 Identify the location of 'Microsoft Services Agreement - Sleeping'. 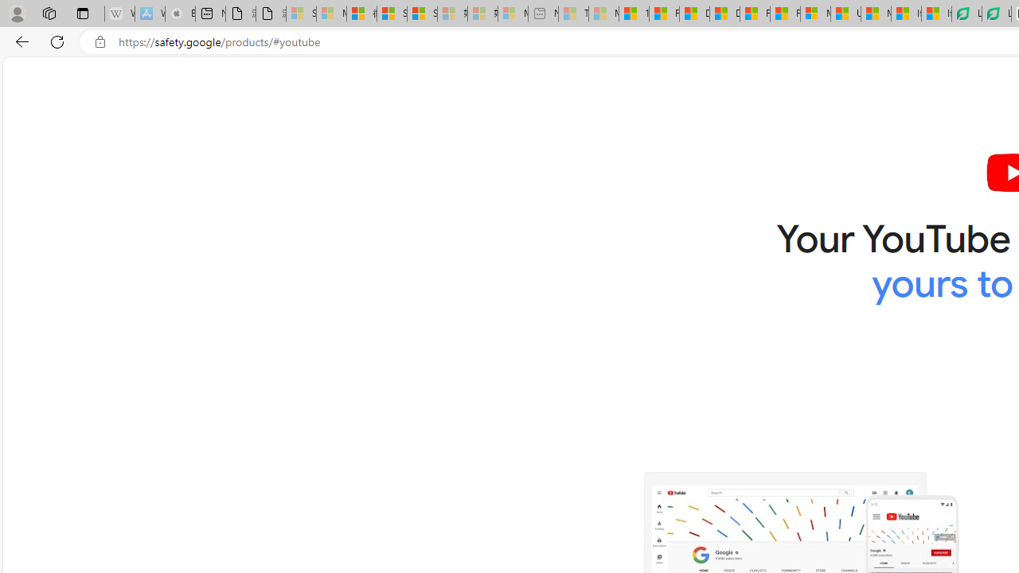
(330, 14).